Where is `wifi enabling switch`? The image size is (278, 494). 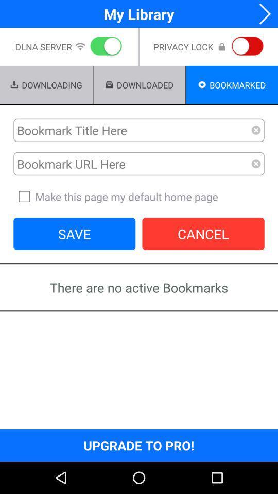
wifi enabling switch is located at coordinates (104, 47).